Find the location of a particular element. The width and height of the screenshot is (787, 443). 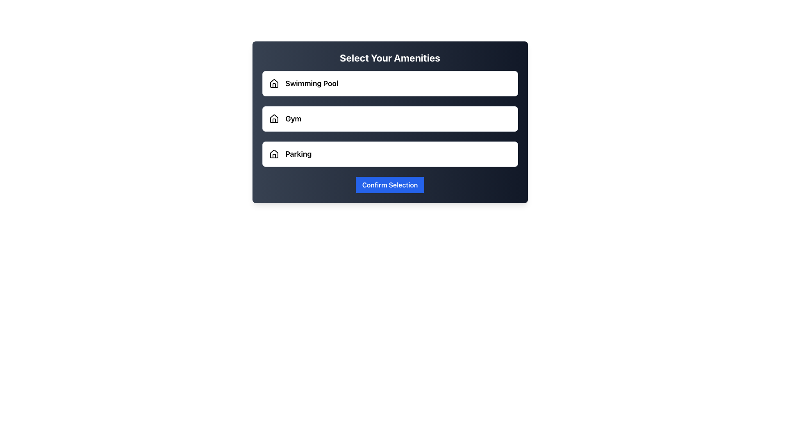

the 'Parking' text label, which is bold and slightly larger, located to the right of a house icon in the third row of a vertical list is located at coordinates (298, 154).